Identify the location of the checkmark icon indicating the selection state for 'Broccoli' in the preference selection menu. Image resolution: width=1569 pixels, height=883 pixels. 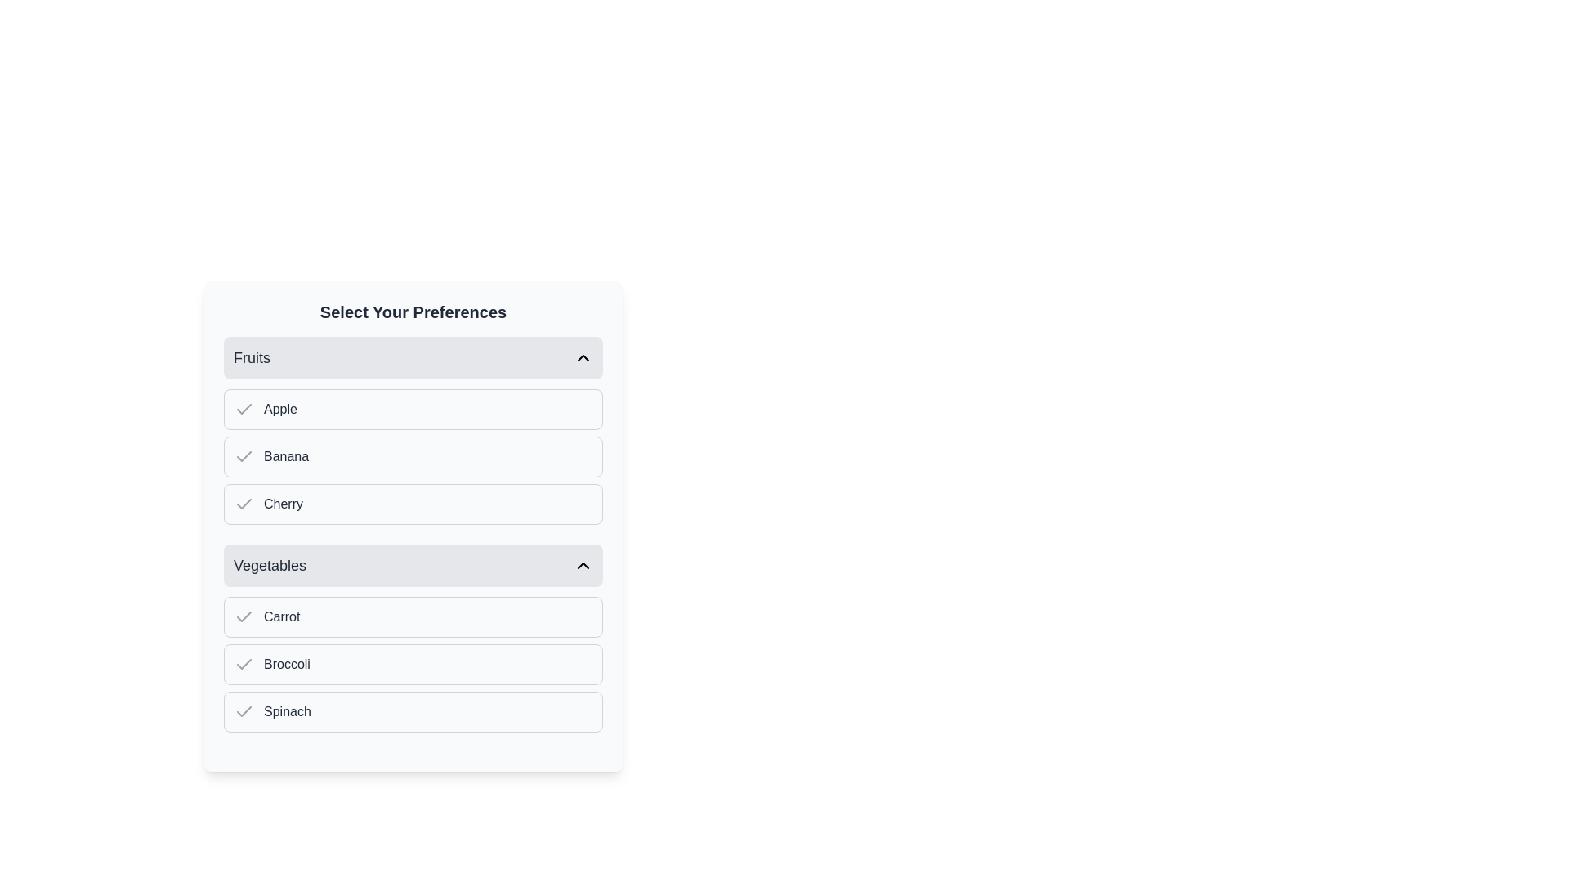
(243, 664).